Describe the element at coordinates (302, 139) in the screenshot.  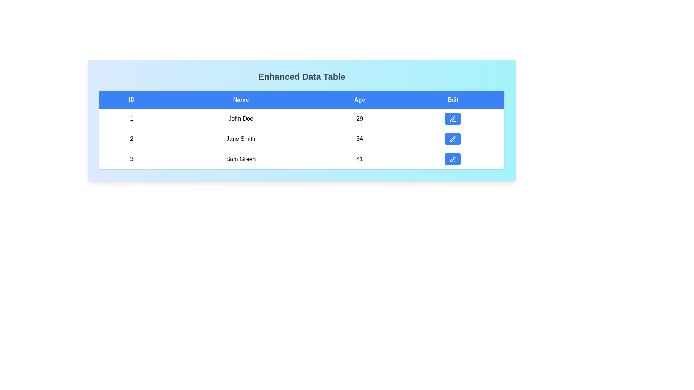
I see `the row corresponding to 2` at that location.